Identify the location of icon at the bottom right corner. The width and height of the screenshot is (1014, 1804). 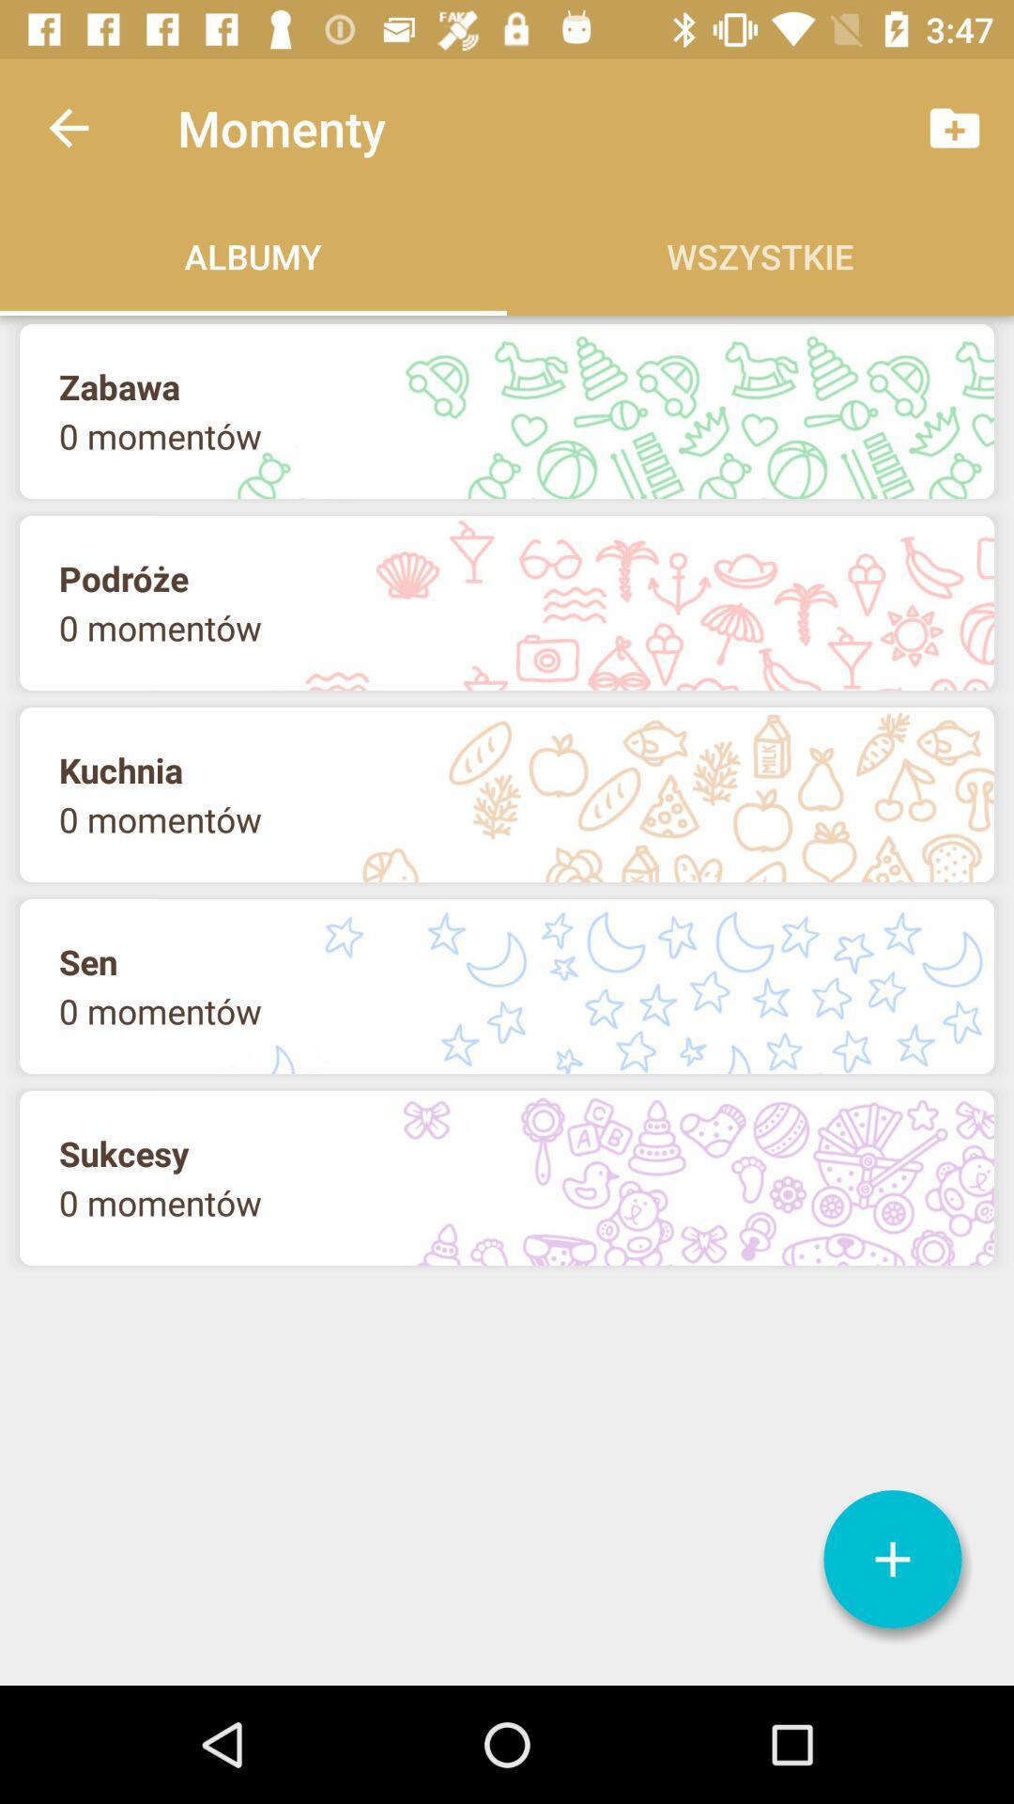
(892, 1559).